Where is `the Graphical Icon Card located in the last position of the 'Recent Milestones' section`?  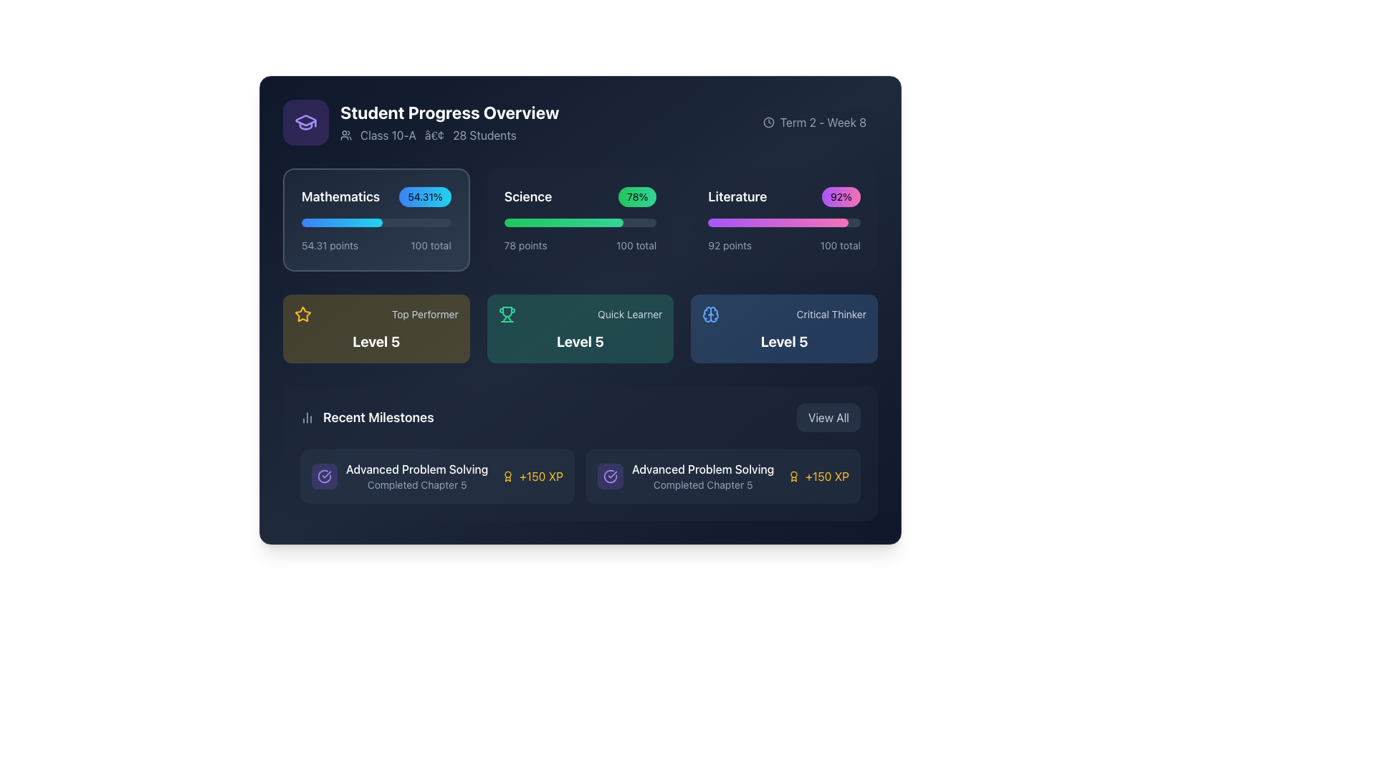 the Graphical Icon Card located in the last position of the 'Recent Milestones' section is located at coordinates (610, 476).